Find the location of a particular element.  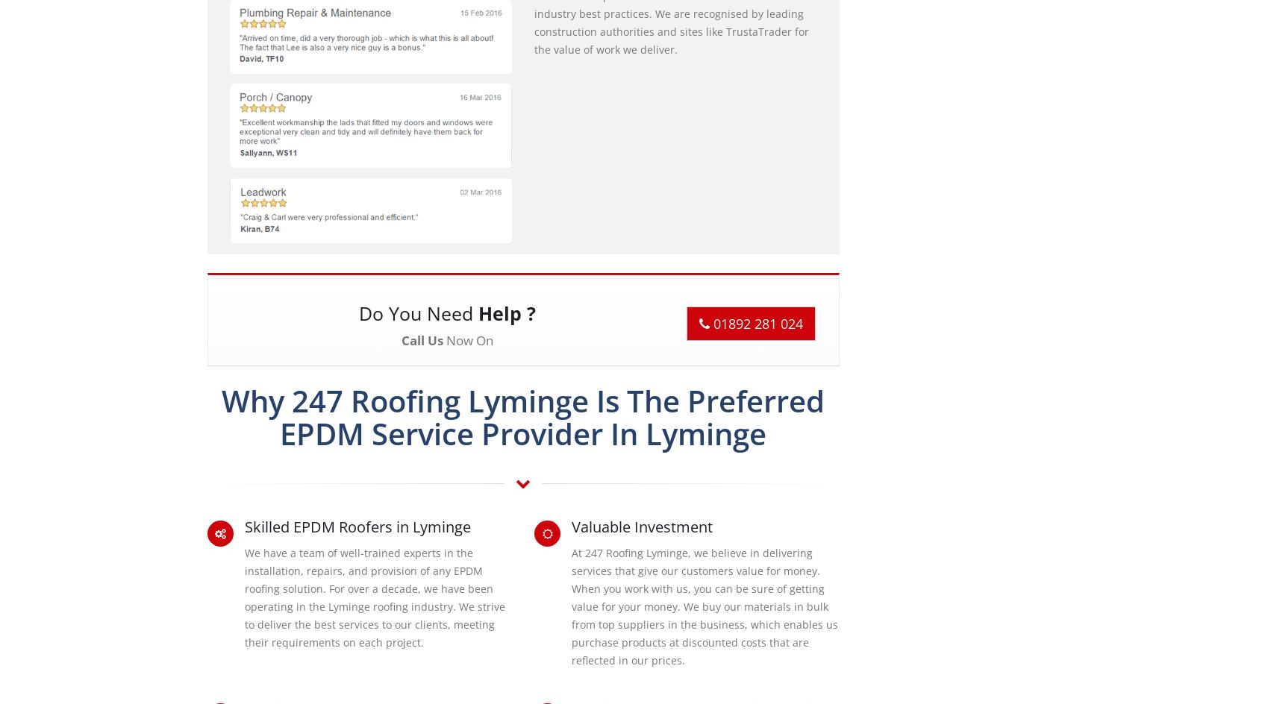

'01892 281 024' is located at coordinates (709, 322).